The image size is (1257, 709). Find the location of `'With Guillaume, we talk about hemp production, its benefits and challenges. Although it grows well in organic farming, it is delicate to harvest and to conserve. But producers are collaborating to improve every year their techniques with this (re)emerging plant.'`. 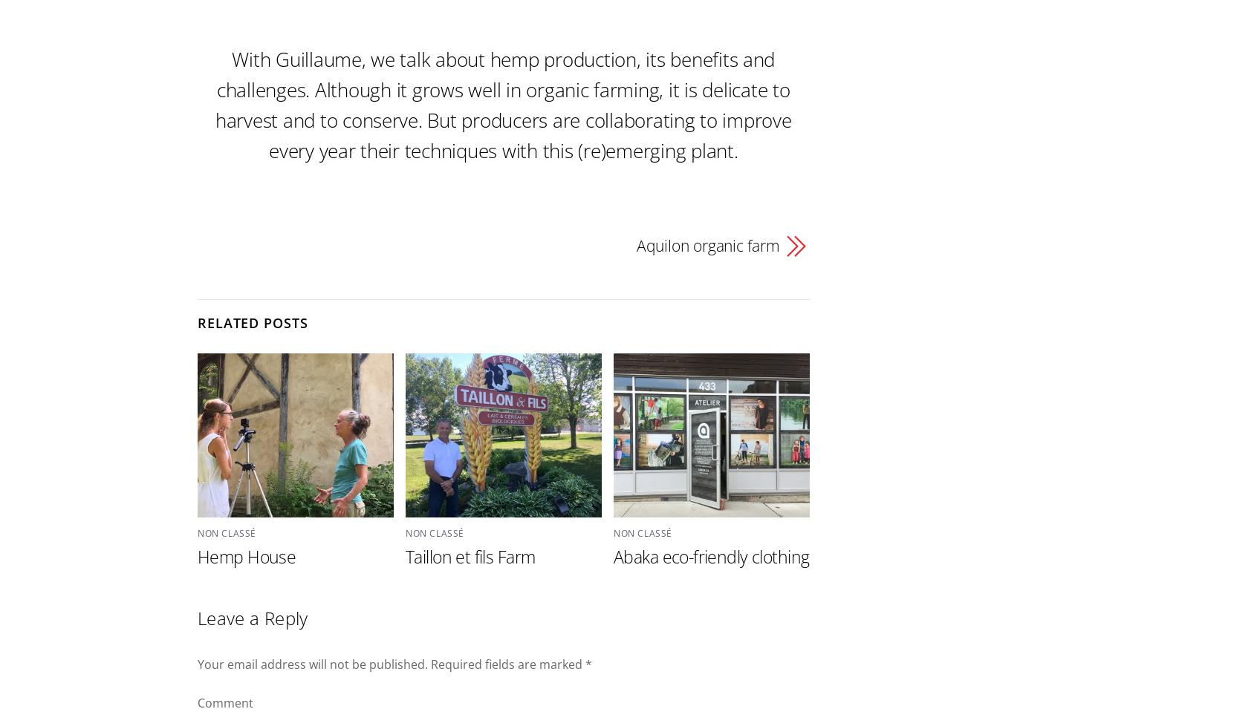

'With Guillaume, we talk about hemp production, its benefits and challenges. Although it grows well in organic farming, it is delicate to harvest and to conserve. But producers are collaborating to improve every year their techniques with this (re)emerging plant.' is located at coordinates (502, 103).